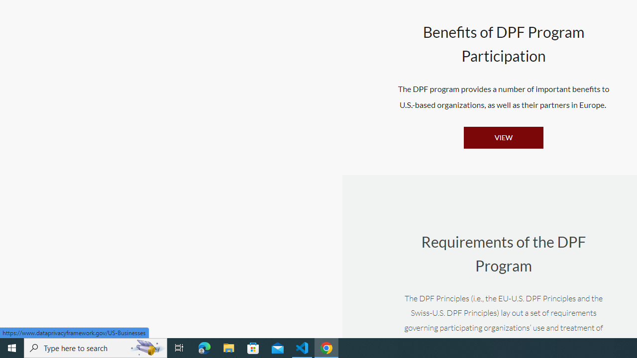  Describe the element at coordinates (503, 137) in the screenshot. I see `'VIEW'` at that location.